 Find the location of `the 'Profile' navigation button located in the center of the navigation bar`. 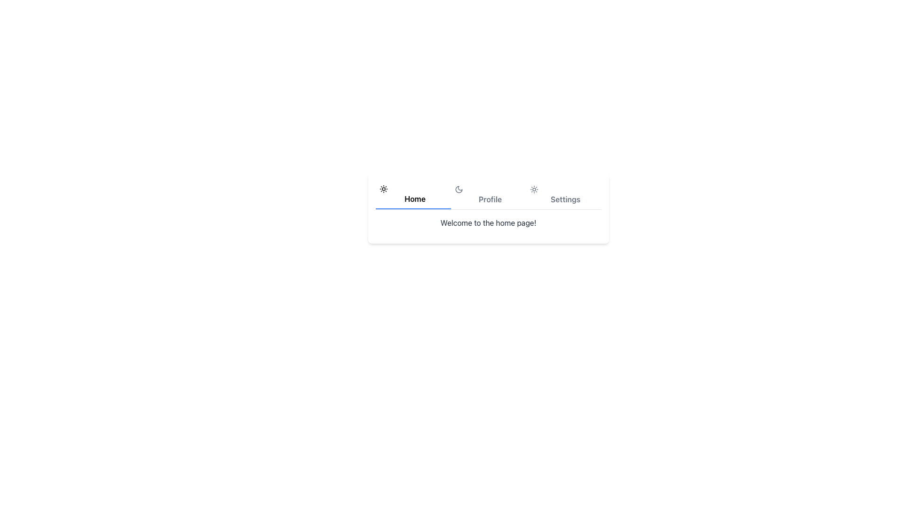

the 'Profile' navigation button located in the center of the navigation bar is located at coordinates (488, 195).